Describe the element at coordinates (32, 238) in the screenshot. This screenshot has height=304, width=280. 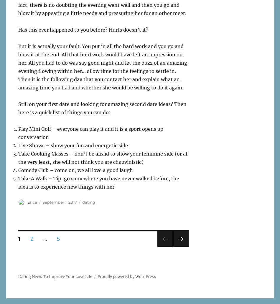
I see `'2'` at that location.